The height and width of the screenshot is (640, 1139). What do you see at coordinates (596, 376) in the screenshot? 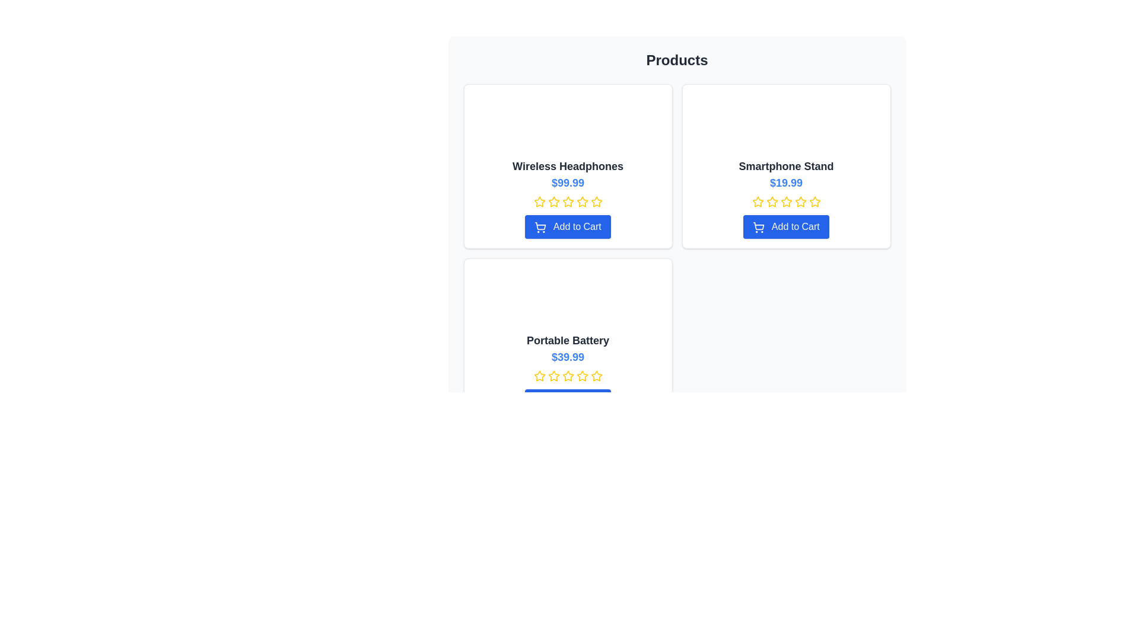
I see `the fifth star in the rating system for the 'Portable Battery' product card to provide visual feedback` at bounding box center [596, 376].